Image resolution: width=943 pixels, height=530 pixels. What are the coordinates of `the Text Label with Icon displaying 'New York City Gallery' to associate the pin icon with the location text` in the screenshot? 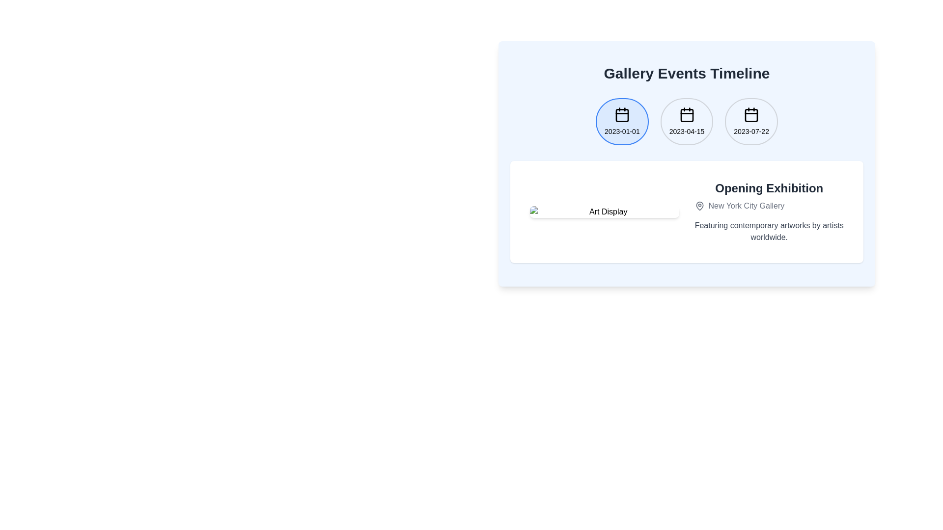 It's located at (769, 206).